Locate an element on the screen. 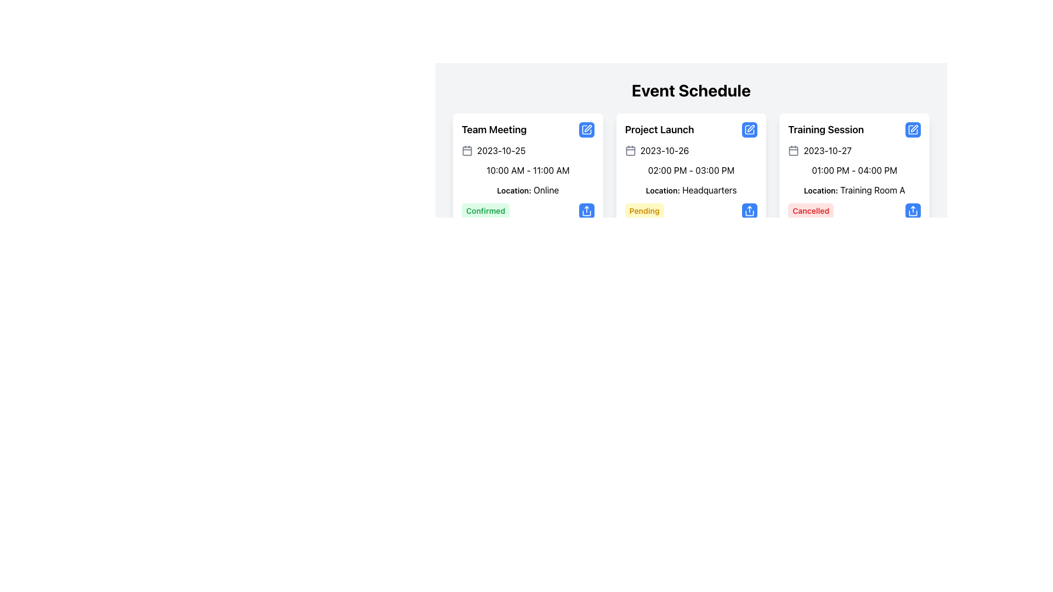  the text label that indicates the location details of the event, which is positioned beneath the time range text and to the left of the location details 'Headquarters' in the second event card is located at coordinates (662, 190).